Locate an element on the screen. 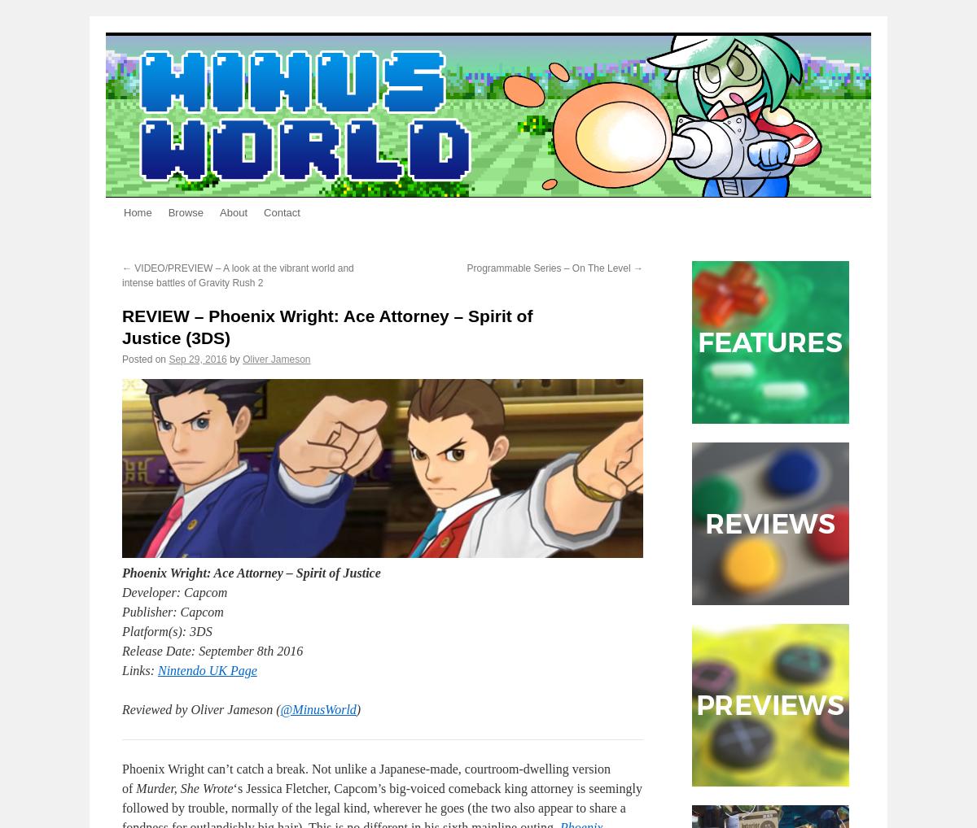  'Phoenix Wright: Ace Attorney – Spirit of Justice' is located at coordinates (251, 573).